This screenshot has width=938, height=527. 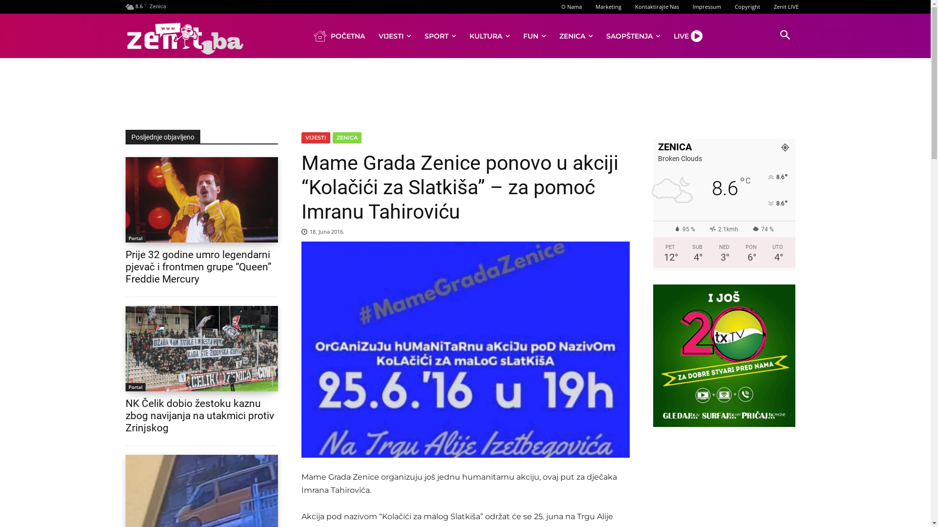 What do you see at coordinates (394, 35) in the screenshot?
I see `'VIJESTI'` at bounding box center [394, 35].